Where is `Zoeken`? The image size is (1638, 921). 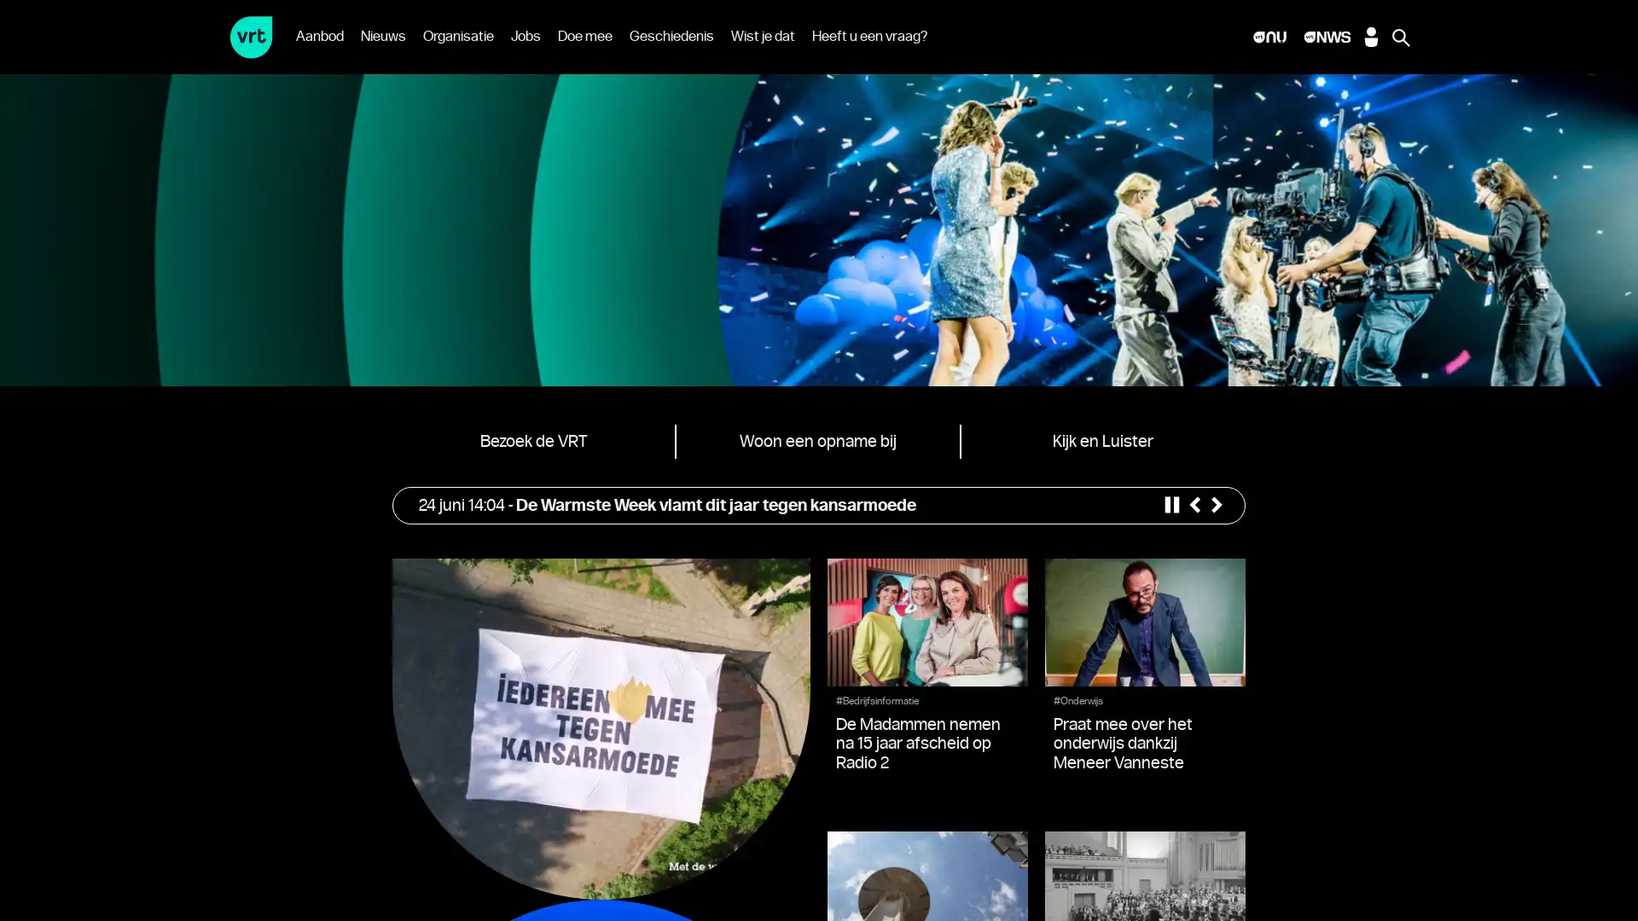
Zoeken is located at coordinates (1401, 36).